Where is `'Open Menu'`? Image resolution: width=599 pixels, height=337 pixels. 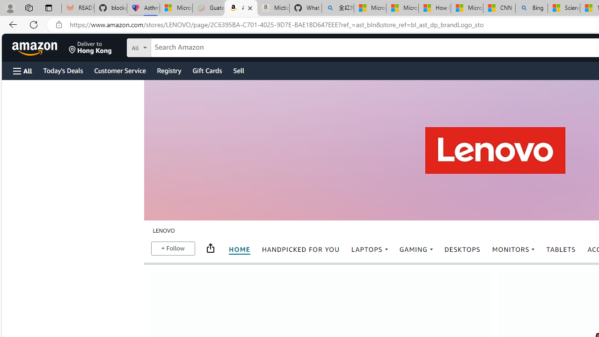 'Open Menu' is located at coordinates (22, 70).